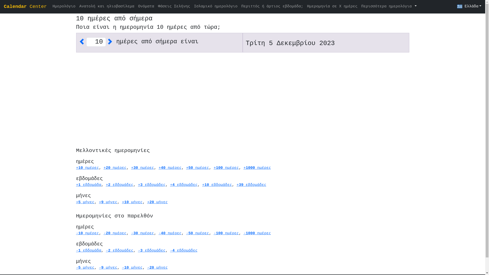  What do you see at coordinates (4, 7) in the screenshot?
I see `'Calendar Center'` at bounding box center [4, 7].